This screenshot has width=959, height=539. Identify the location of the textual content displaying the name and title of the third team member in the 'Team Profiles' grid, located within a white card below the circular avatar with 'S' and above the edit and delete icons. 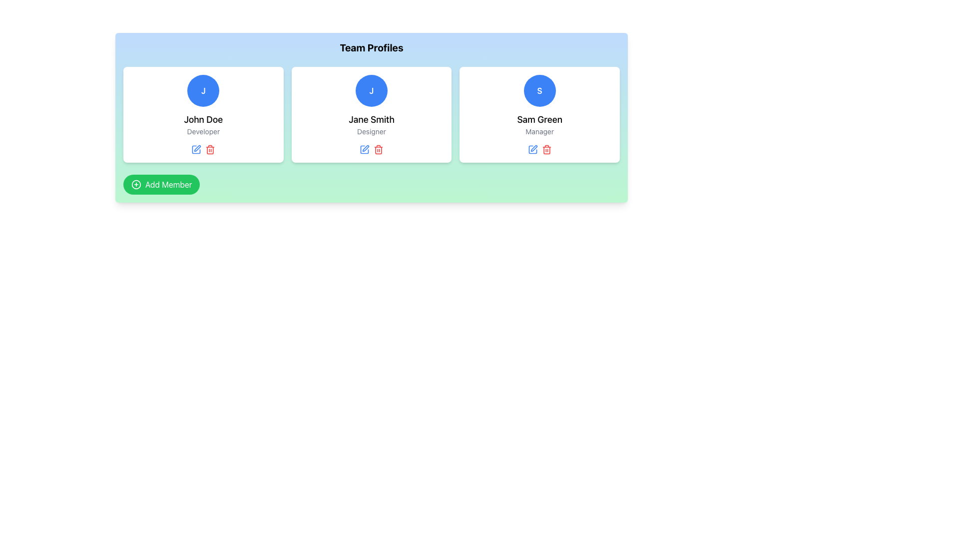
(539, 124).